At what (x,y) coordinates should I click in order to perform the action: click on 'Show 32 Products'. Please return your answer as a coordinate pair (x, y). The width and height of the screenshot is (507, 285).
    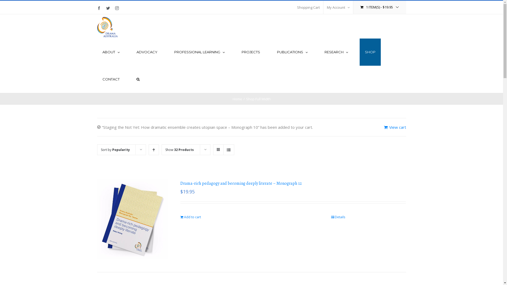
    Looking at the image, I should click on (165, 150).